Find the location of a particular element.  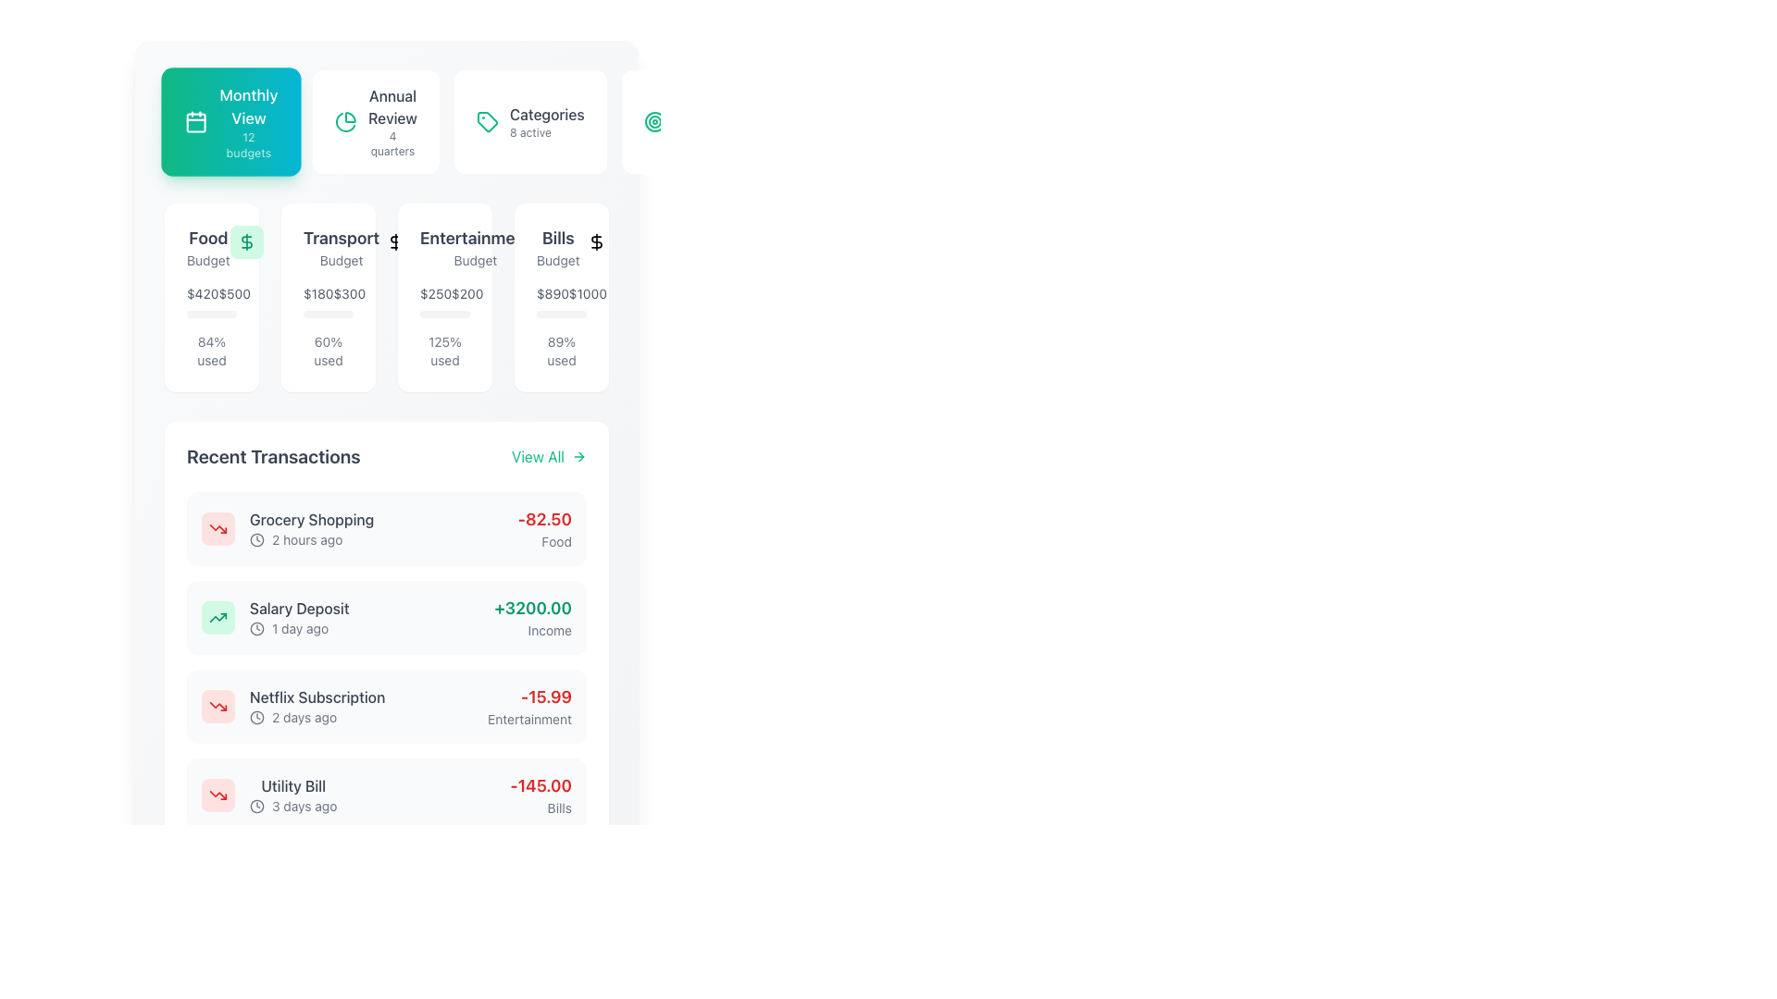

the text label reading '12 budgets' that is located beneath the 'Monthly View' label in the top-left corner of the interface is located at coordinates (247, 144).